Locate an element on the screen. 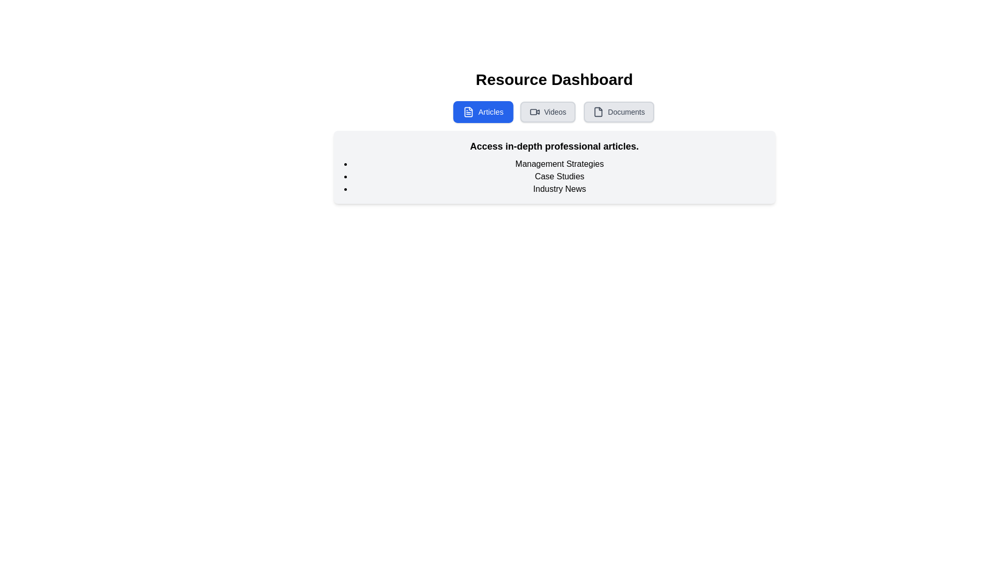 Image resolution: width=1000 pixels, height=563 pixels. the 'Documents' button, which is represented by an icon resembling a document file located in the top-right corner of the set of three buttons labeled 'Articles,' 'Videos,' and 'Documents.' is located at coordinates (598, 112).